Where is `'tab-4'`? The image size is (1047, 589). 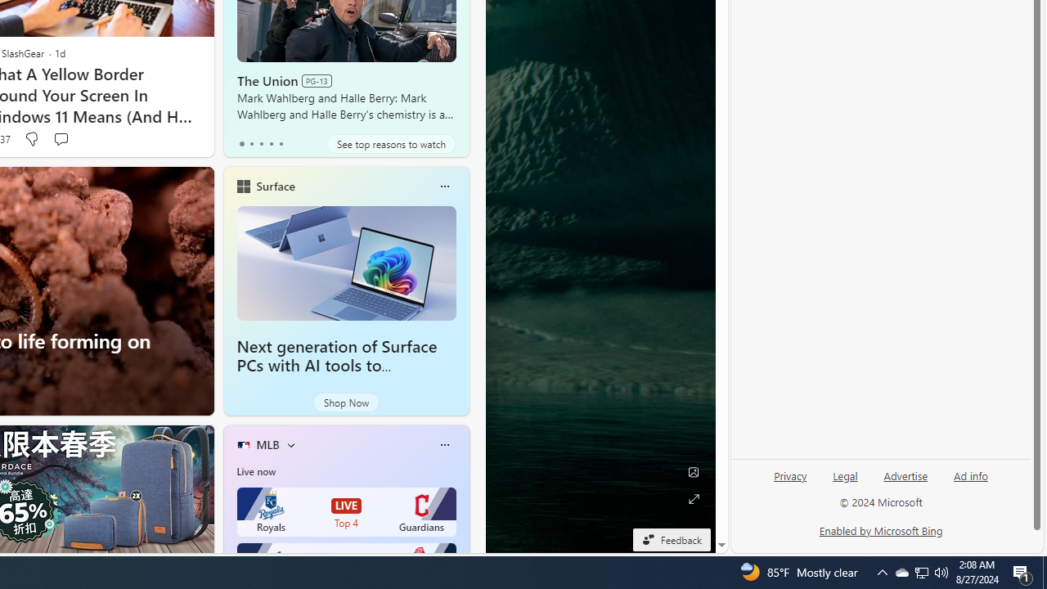
'tab-4' is located at coordinates (281, 143).